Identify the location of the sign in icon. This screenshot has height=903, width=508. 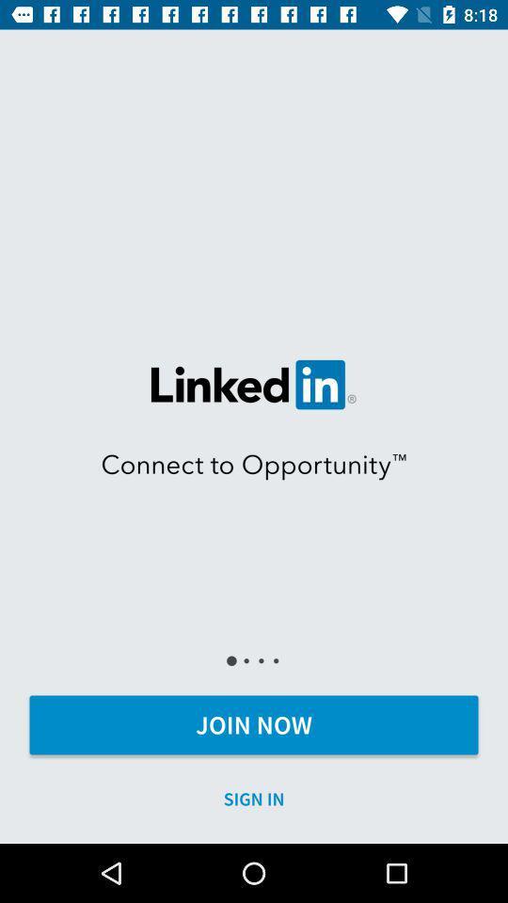
(254, 798).